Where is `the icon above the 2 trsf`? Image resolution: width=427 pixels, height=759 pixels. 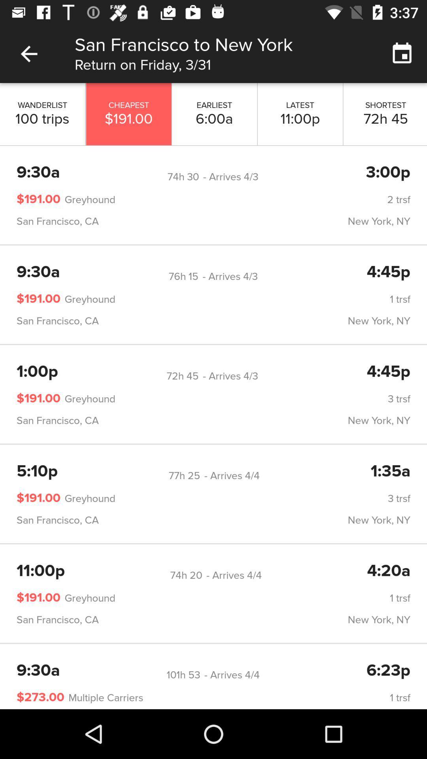
the icon above the 2 trsf is located at coordinates (183, 176).